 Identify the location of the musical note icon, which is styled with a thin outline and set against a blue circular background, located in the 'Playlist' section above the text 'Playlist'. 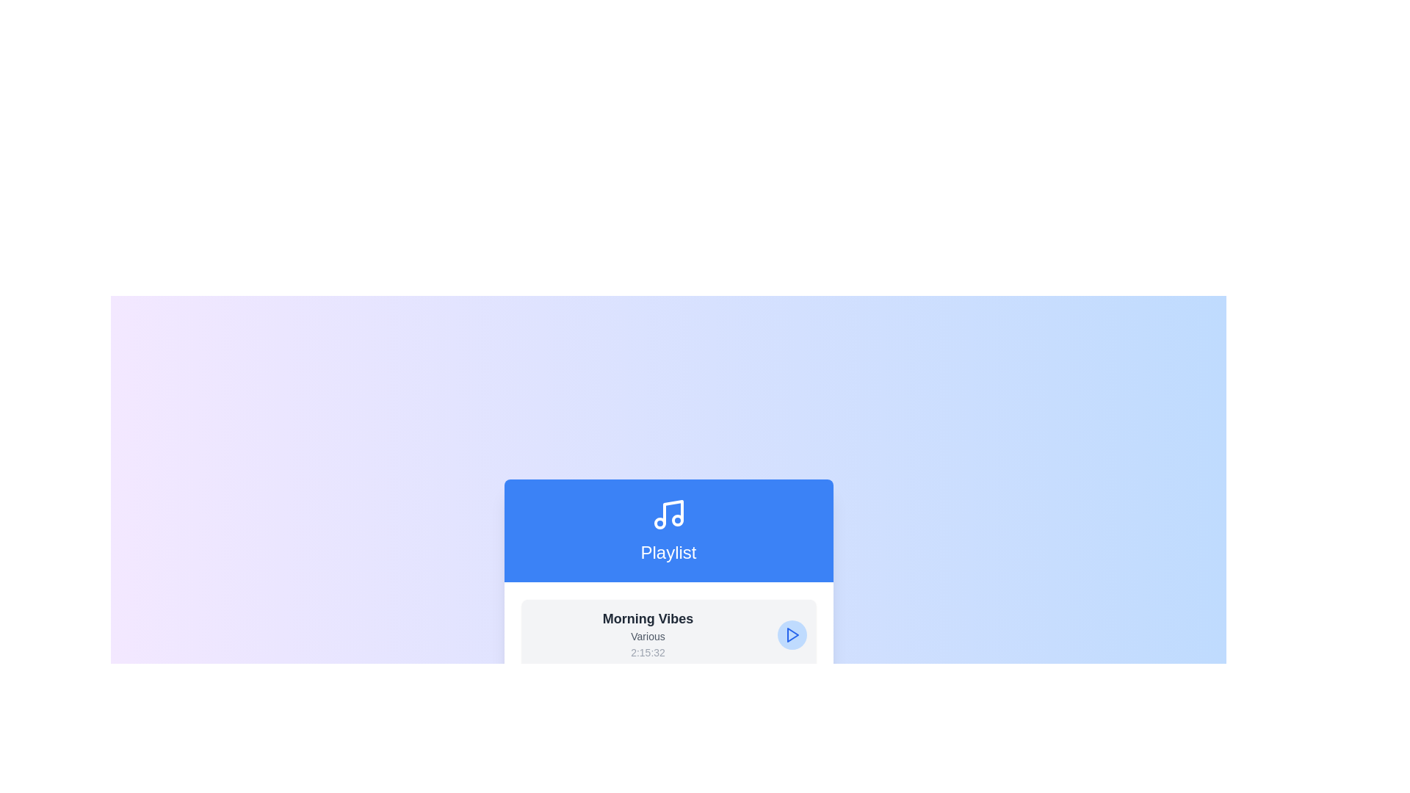
(668, 514).